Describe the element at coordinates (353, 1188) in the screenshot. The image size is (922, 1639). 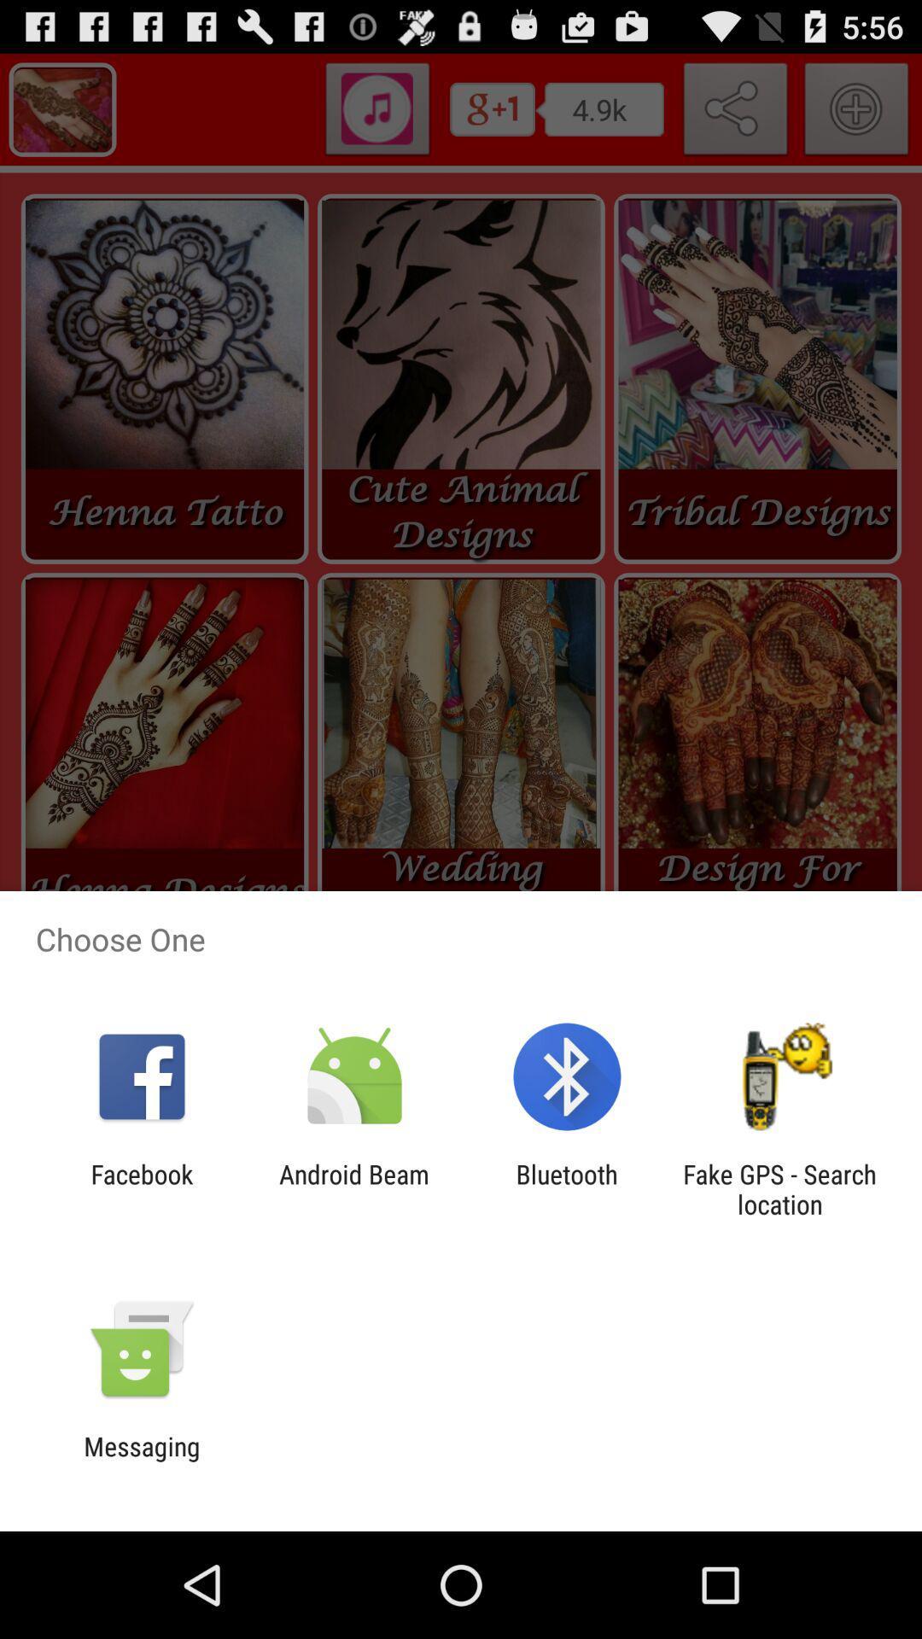
I see `the icon next to the bluetooth item` at that location.